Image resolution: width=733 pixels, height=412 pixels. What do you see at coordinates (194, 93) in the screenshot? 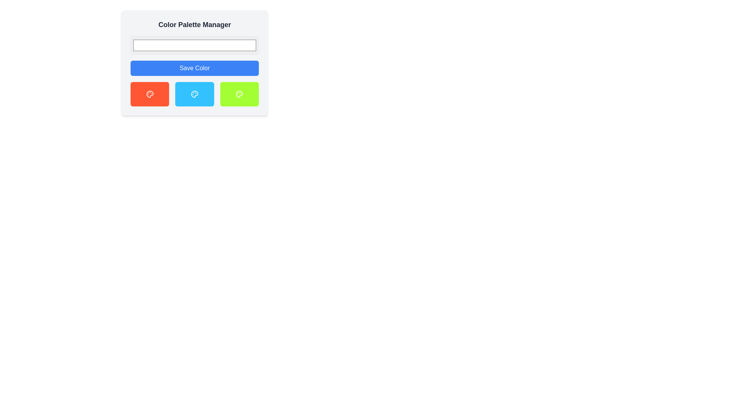
I see `the Icon button that manages the color palette, located beneath the 'Save Color' text input field` at bounding box center [194, 93].